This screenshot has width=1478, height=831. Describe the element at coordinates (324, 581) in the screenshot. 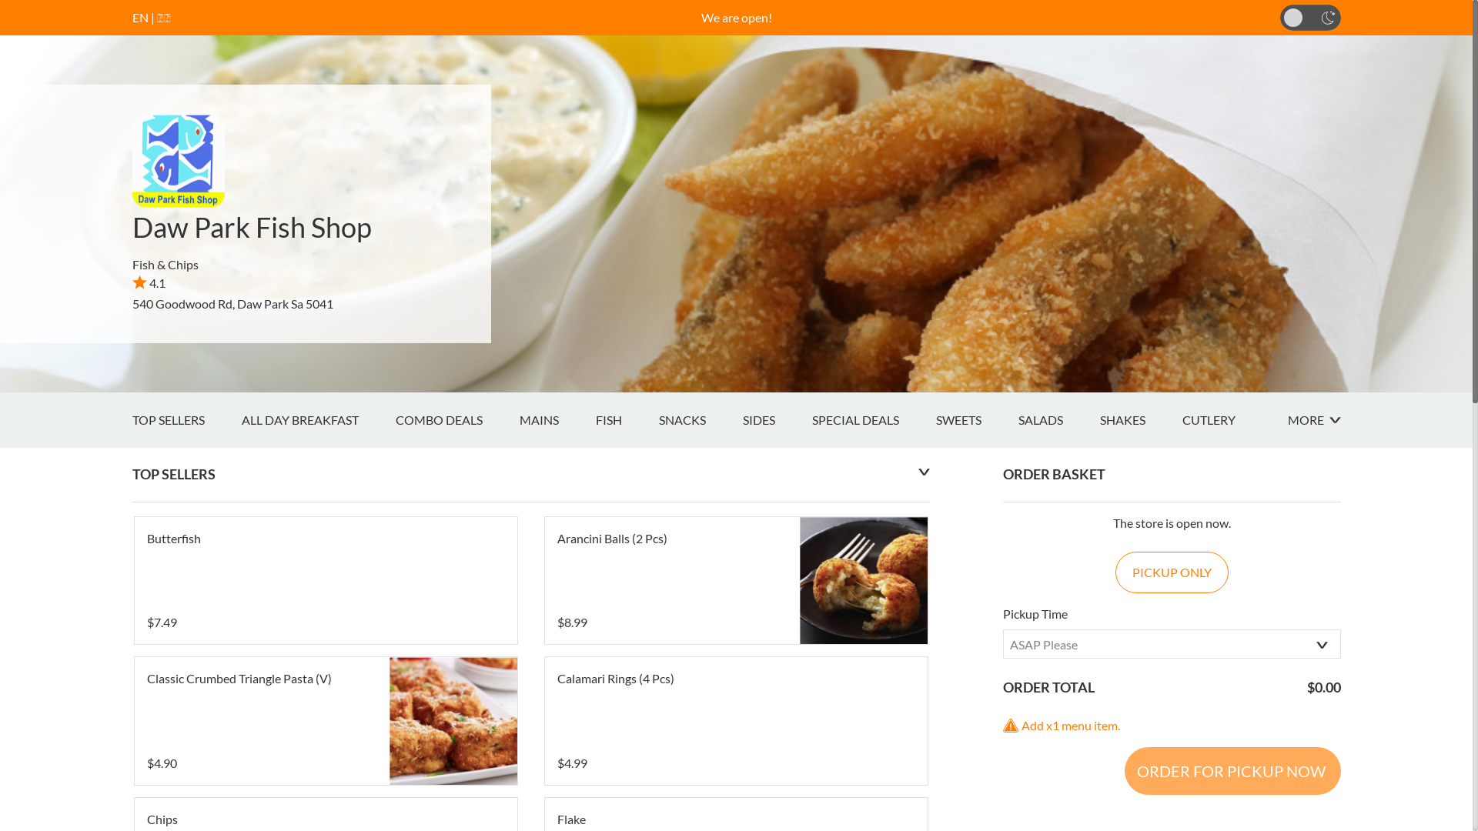

I see `'Butterfish` at that location.